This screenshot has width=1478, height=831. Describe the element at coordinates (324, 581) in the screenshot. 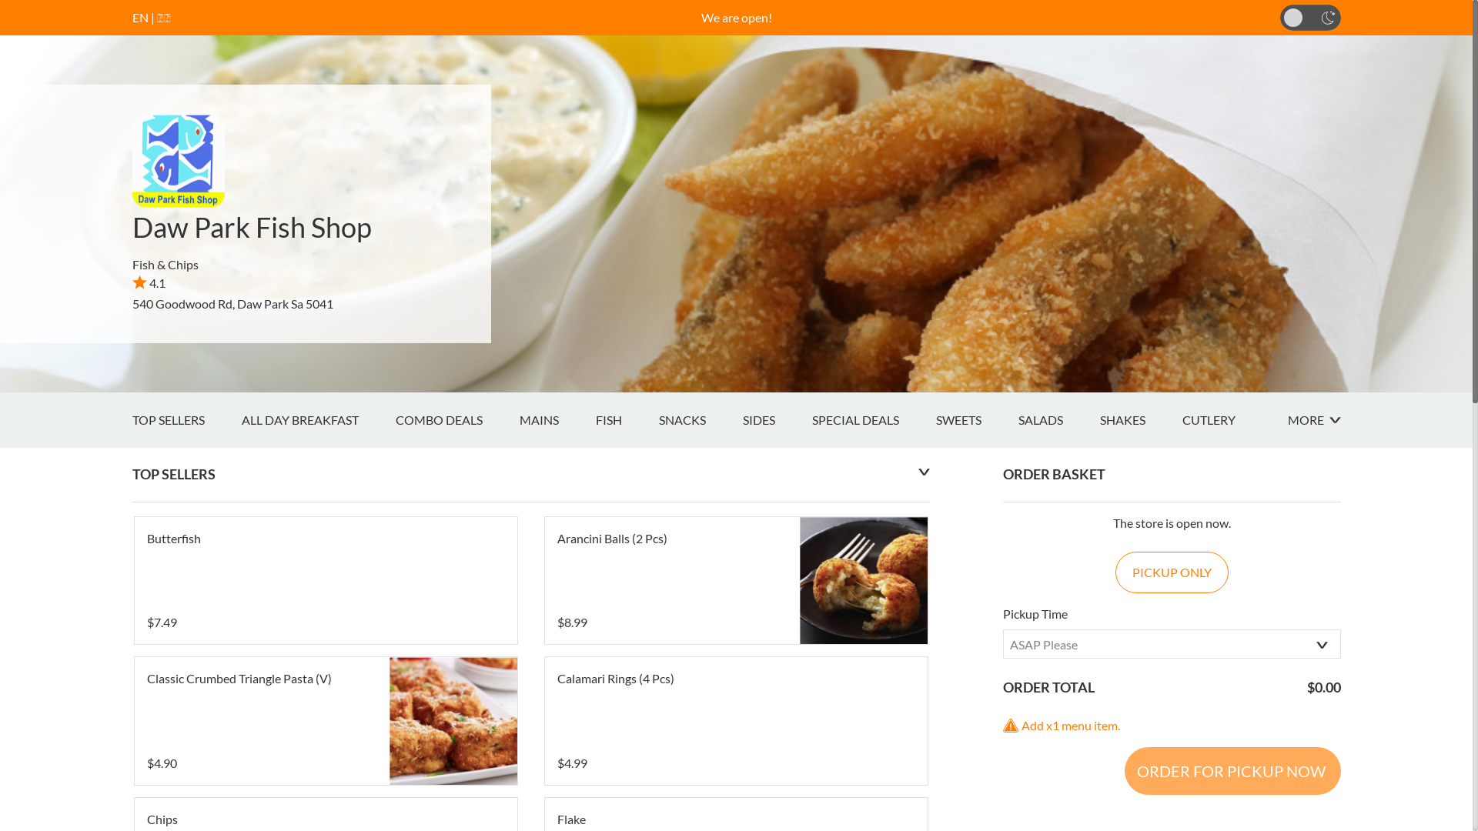

I see `'Butterfish` at that location.